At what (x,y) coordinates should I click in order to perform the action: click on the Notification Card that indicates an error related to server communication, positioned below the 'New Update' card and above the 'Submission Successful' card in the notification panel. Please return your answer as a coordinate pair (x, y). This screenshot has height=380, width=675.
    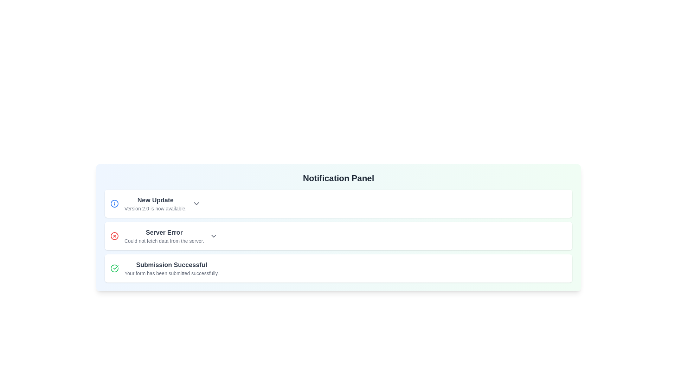
    Looking at the image, I should click on (339, 236).